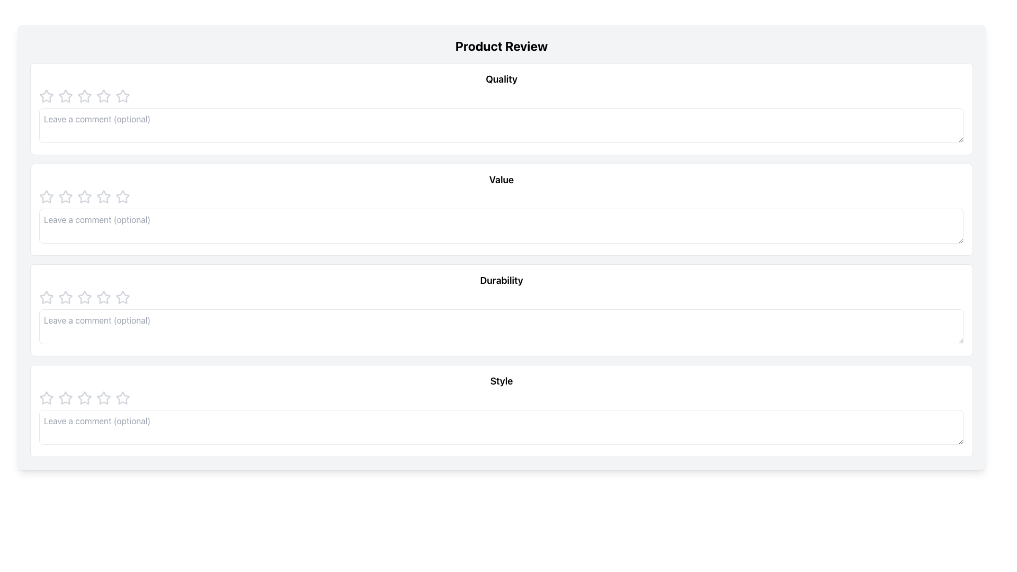 The height and width of the screenshot is (572, 1017). I want to click on the second star in the horizontal row of five stars in the 'Value' section of the Product Review interface for keyboard selection, so click(104, 196).